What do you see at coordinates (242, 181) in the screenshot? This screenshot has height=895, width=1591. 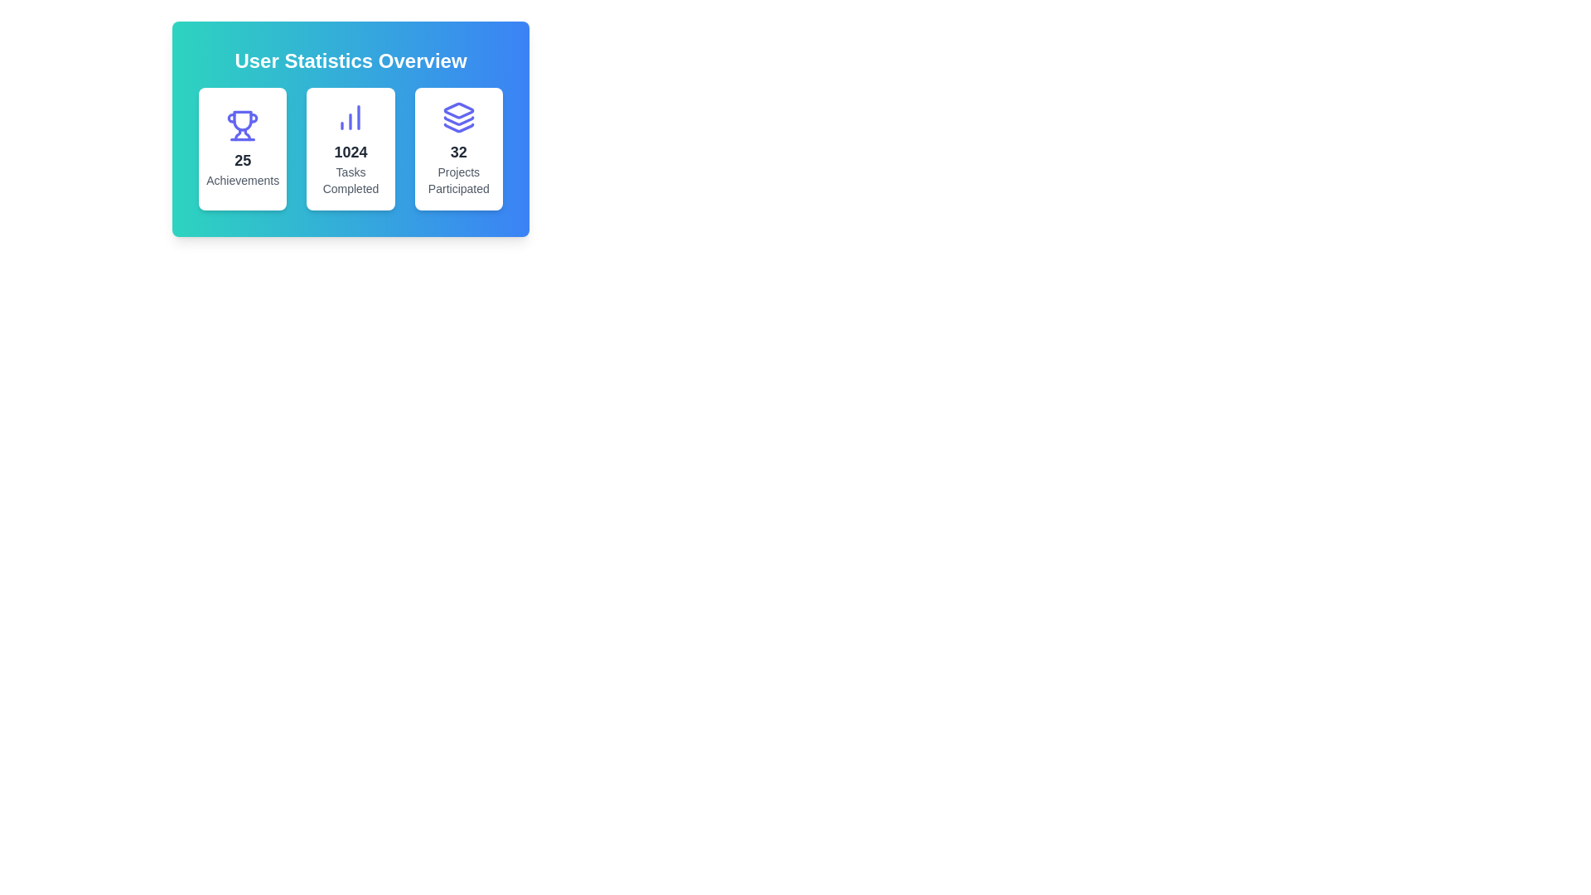 I see `the 'Achievements' label, which is a text label in medium gray color, placed directly beneath the numerical value '25' and styled in a sans-serif font` at bounding box center [242, 181].